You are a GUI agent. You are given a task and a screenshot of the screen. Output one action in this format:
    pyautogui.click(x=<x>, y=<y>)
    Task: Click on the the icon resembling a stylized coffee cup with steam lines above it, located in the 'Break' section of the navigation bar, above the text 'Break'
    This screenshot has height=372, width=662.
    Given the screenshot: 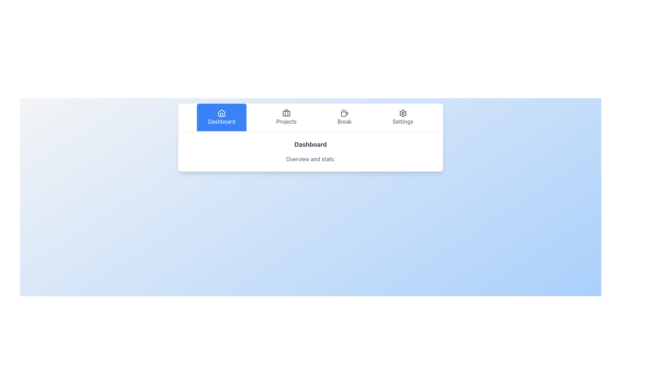 What is the action you would take?
    pyautogui.click(x=344, y=113)
    